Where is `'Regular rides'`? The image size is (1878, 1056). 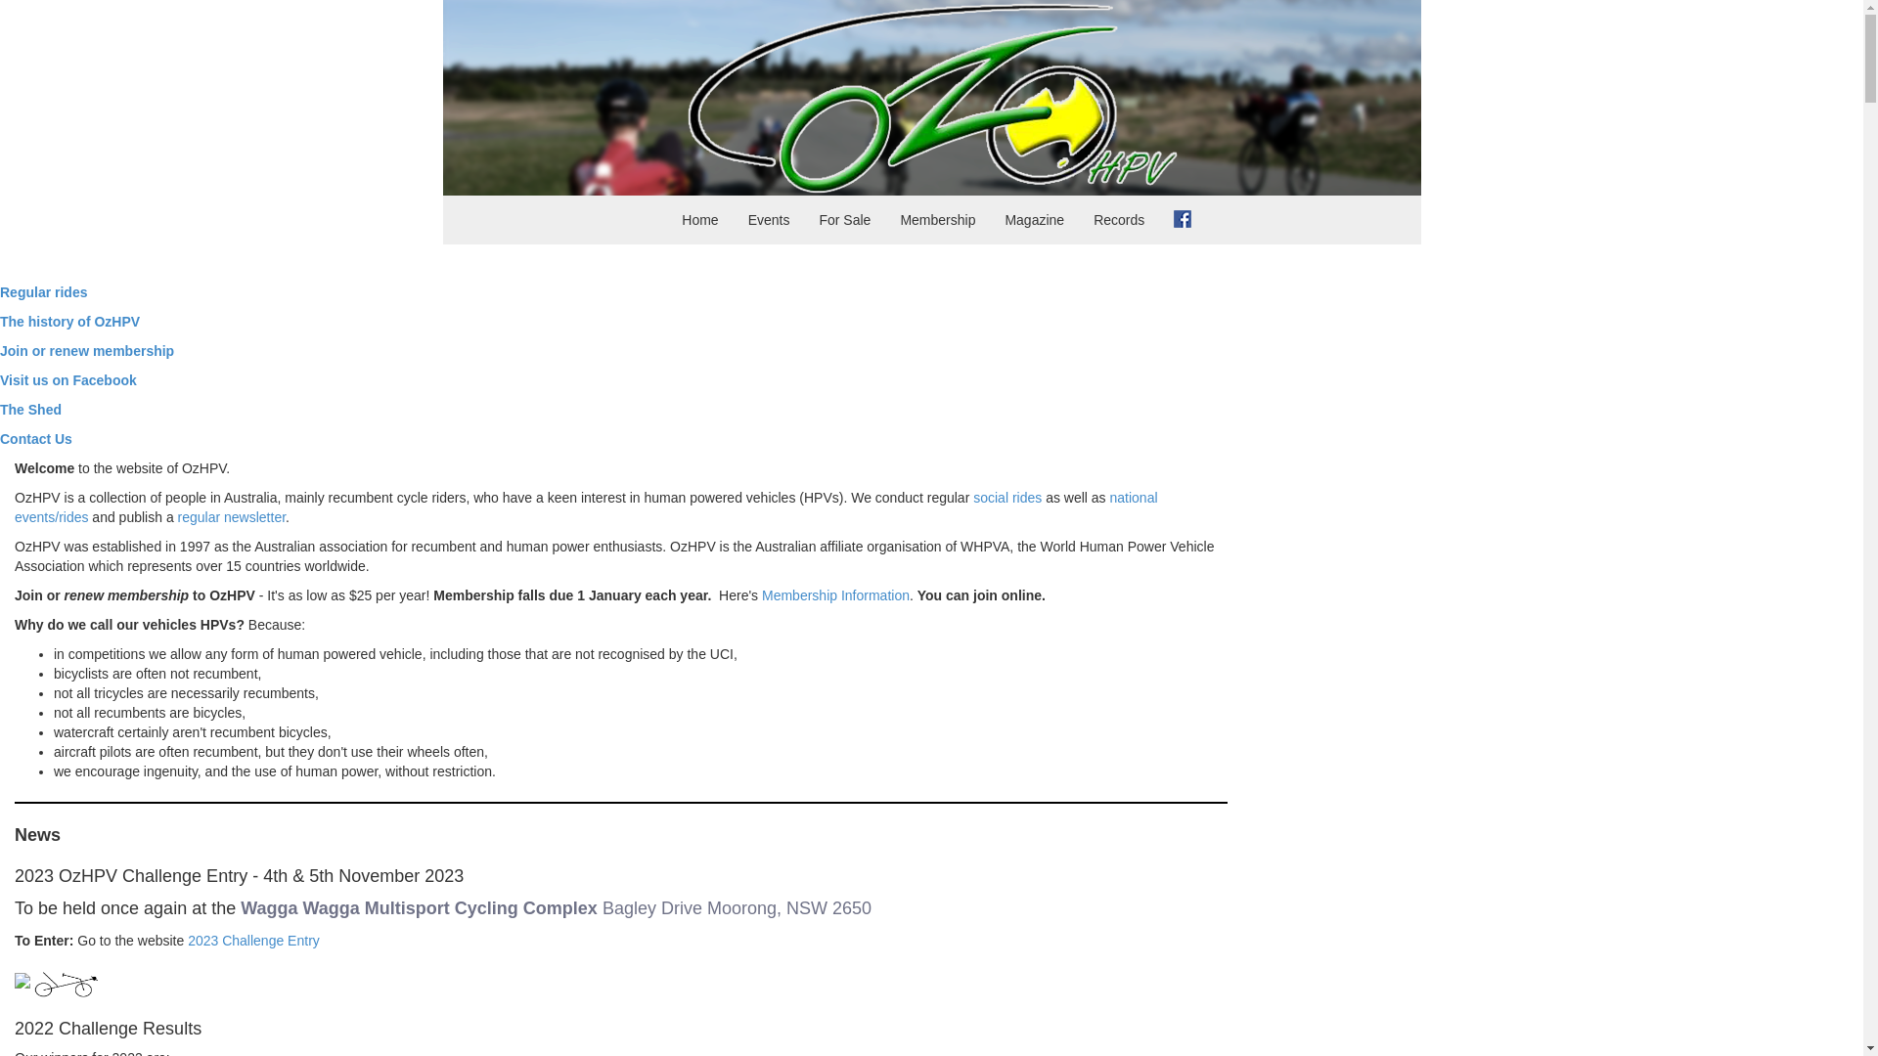
'Regular rides' is located at coordinates (43, 292).